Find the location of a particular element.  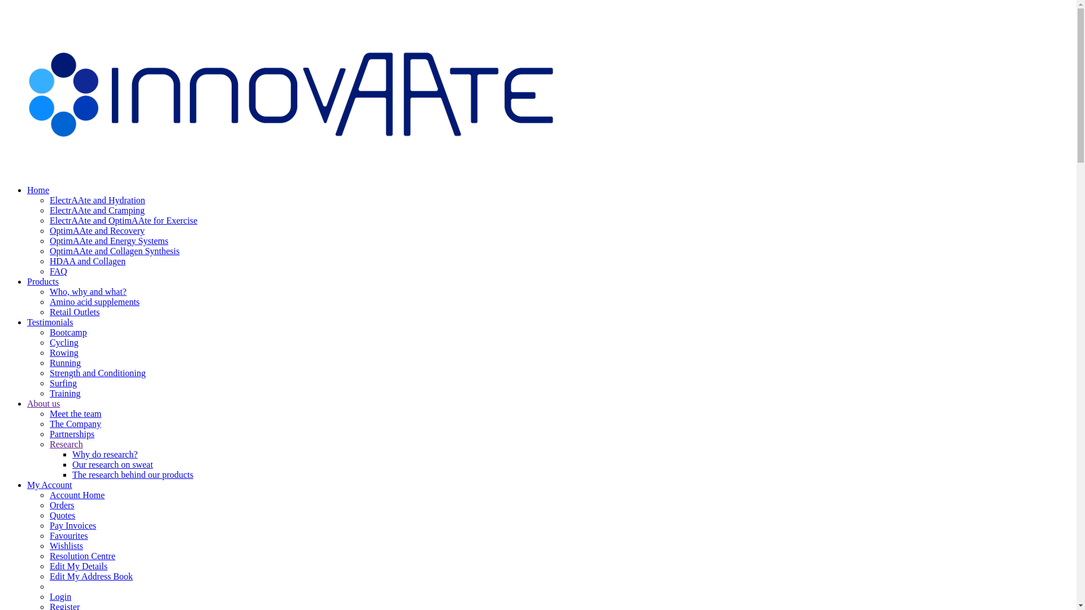

'ElectrAAte and OptimAAte for Exercise' is located at coordinates (123, 220).